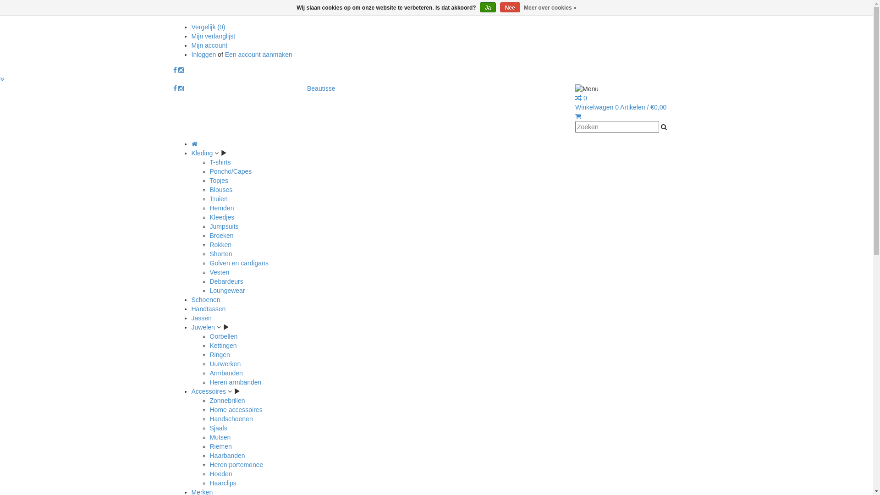 This screenshot has height=495, width=880. Describe the element at coordinates (191, 35) in the screenshot. I see `'Mijn verlanglijst'` at that location.